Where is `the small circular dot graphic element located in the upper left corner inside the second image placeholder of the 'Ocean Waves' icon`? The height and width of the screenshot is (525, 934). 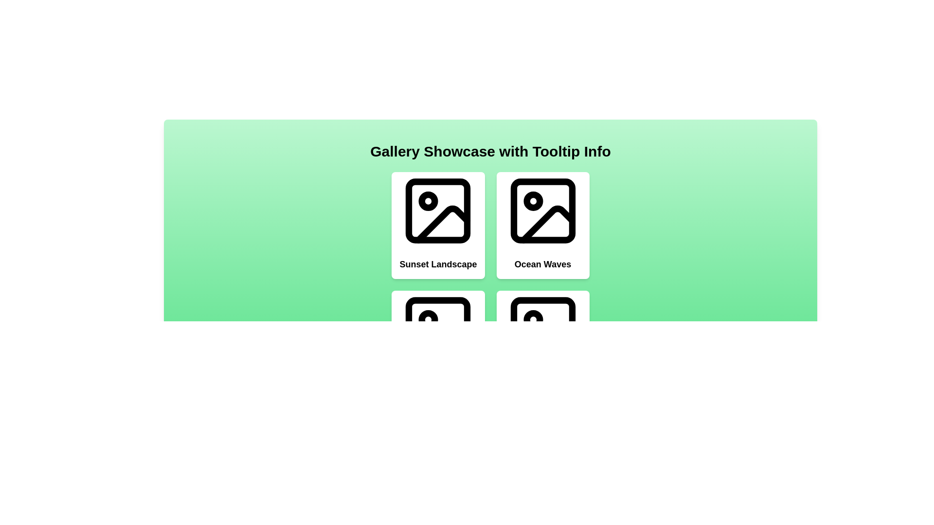 the small circular dot graphic element located in the upper left corner inside the second image placeholder of the 'Ocean Waves' icon is located at coordinates (532, 200).